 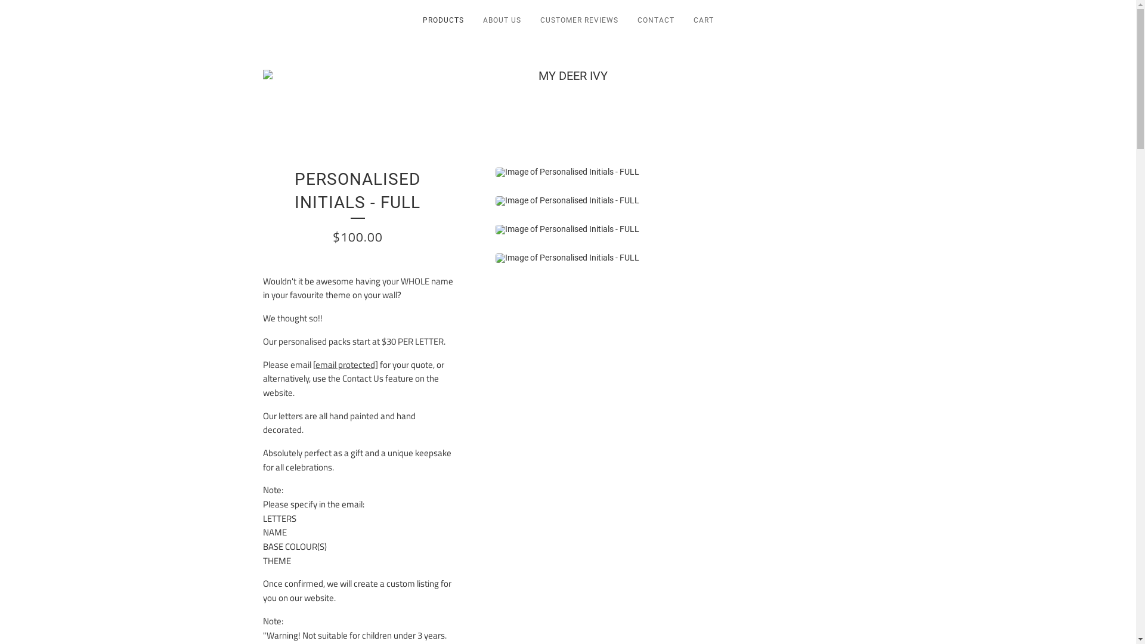 I want to click on 'CONTACT', so click(x=655, y=23).